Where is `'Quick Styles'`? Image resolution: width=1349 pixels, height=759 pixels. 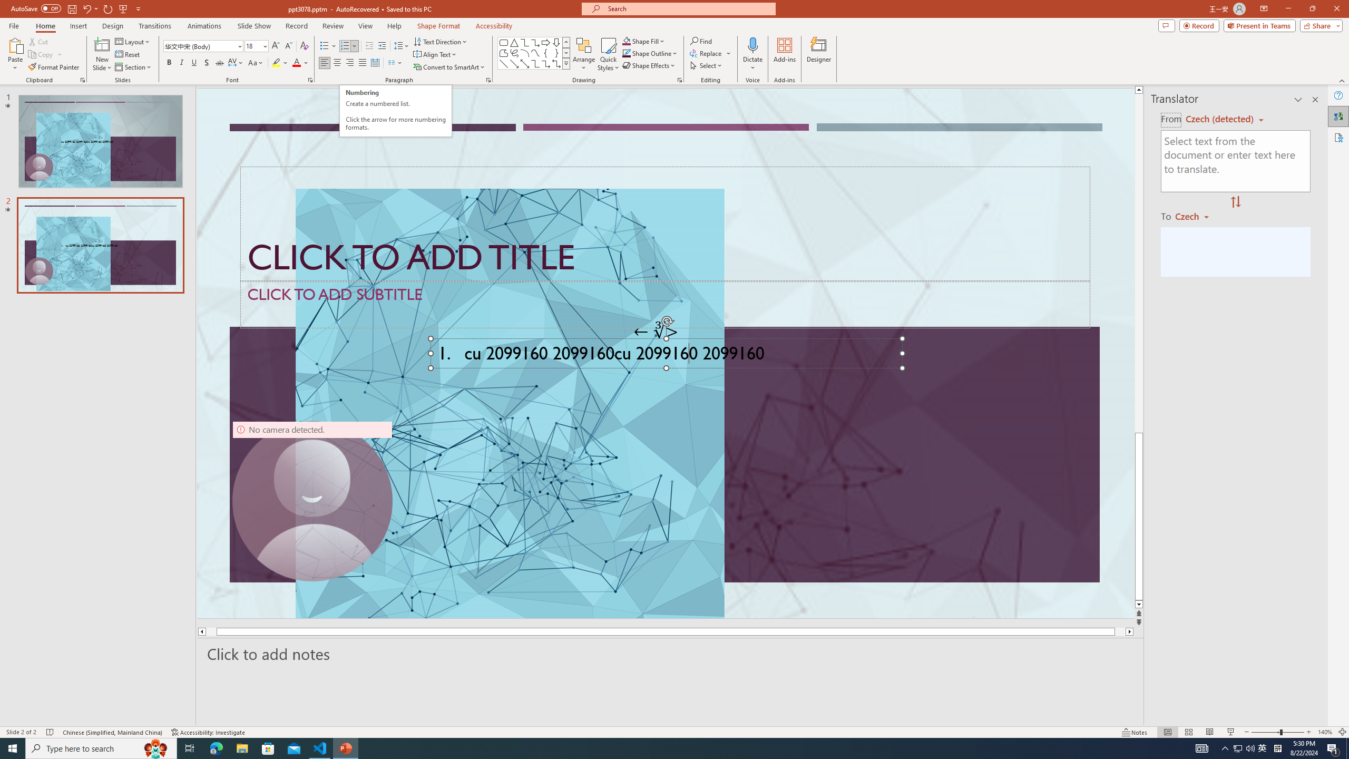
'Quick Styles' is located at coordinates (608, 54).